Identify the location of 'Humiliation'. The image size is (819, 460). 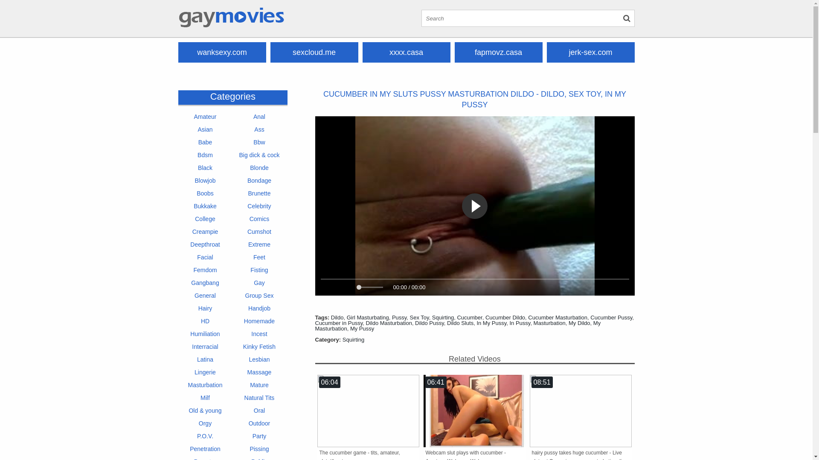
(205, 333).